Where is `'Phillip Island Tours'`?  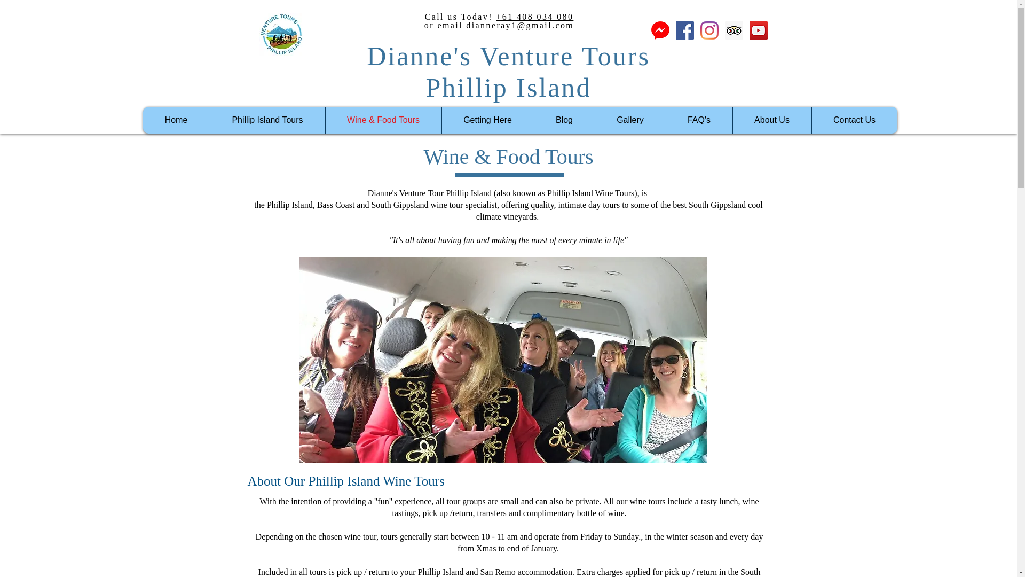 'Phillip Island Tours' is located at coordinates (209, 120).